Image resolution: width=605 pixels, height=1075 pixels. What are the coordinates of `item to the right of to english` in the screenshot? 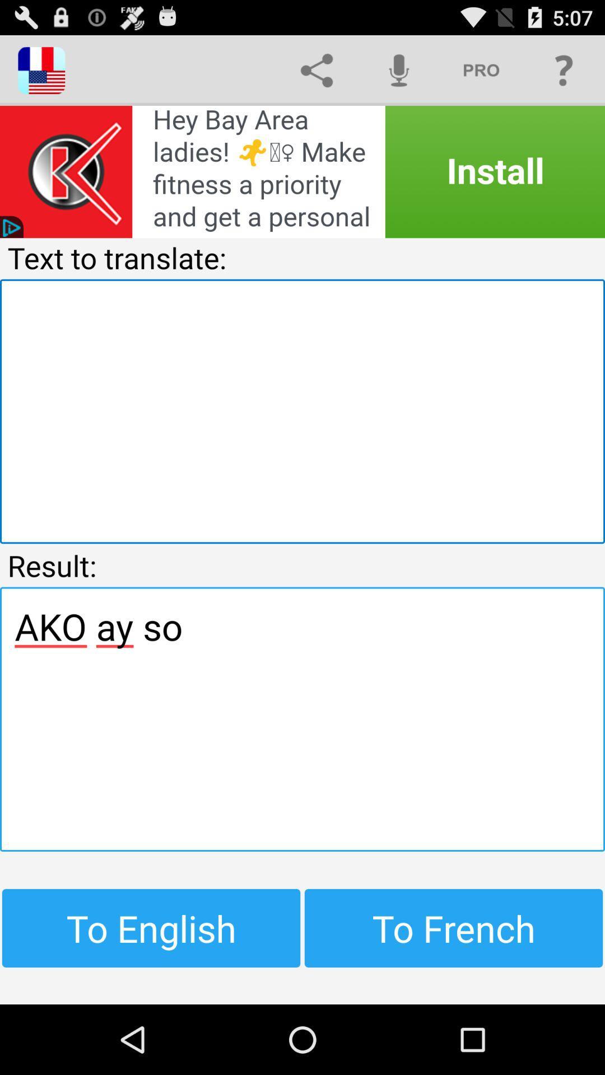 It's located at (454, 928).